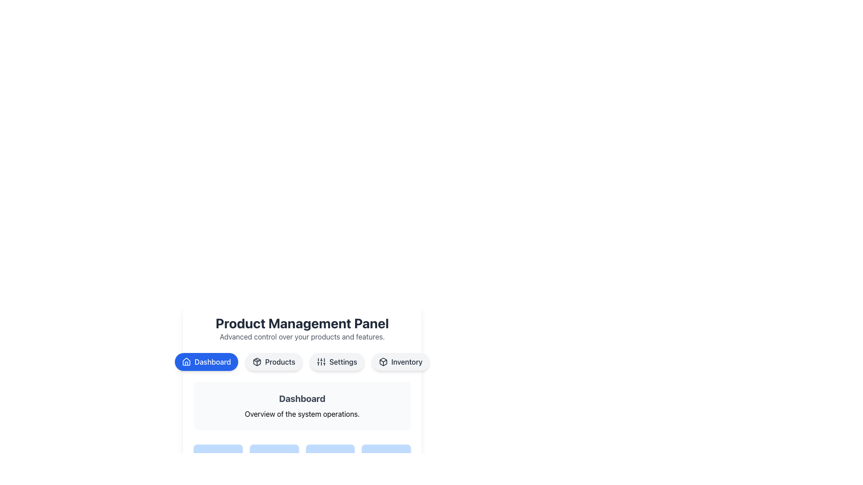 The width and height of the screenshot is (863, 485). I want to click on the rounded blue button labeled 'Dashboard' with a house icon, so click(206, 362).